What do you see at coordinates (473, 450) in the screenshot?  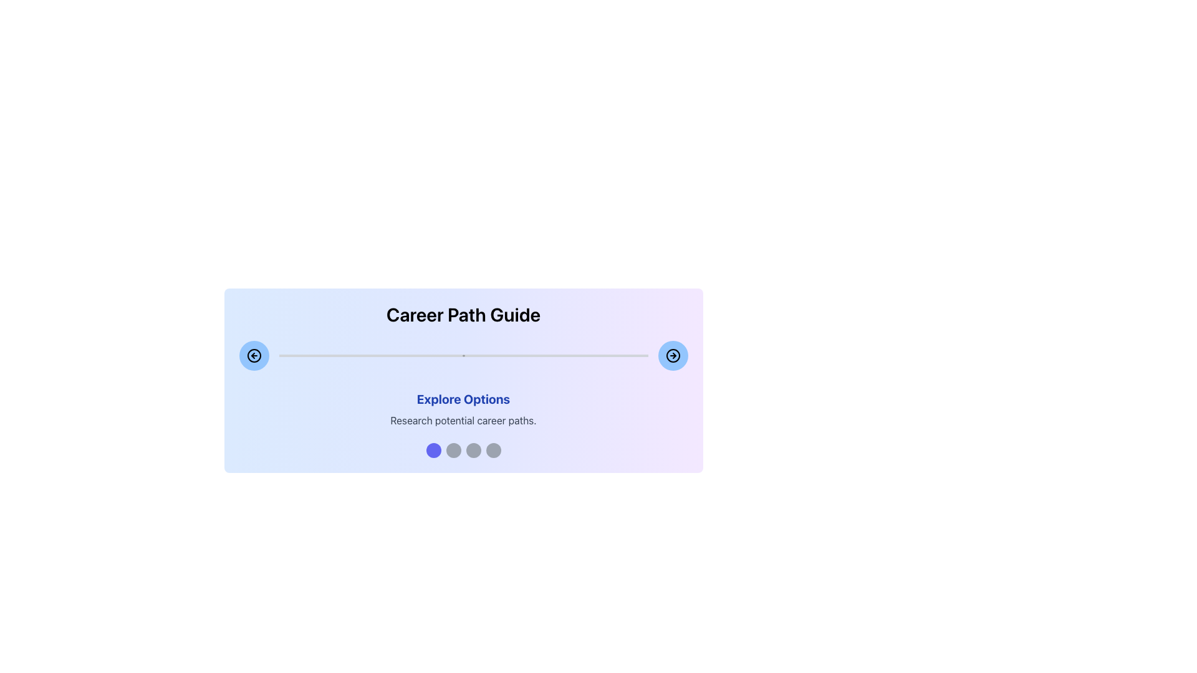 I see `the third circular Progress Indicator located at the bottom of the 'Explore Options' section` at bounding box center [473, 450].